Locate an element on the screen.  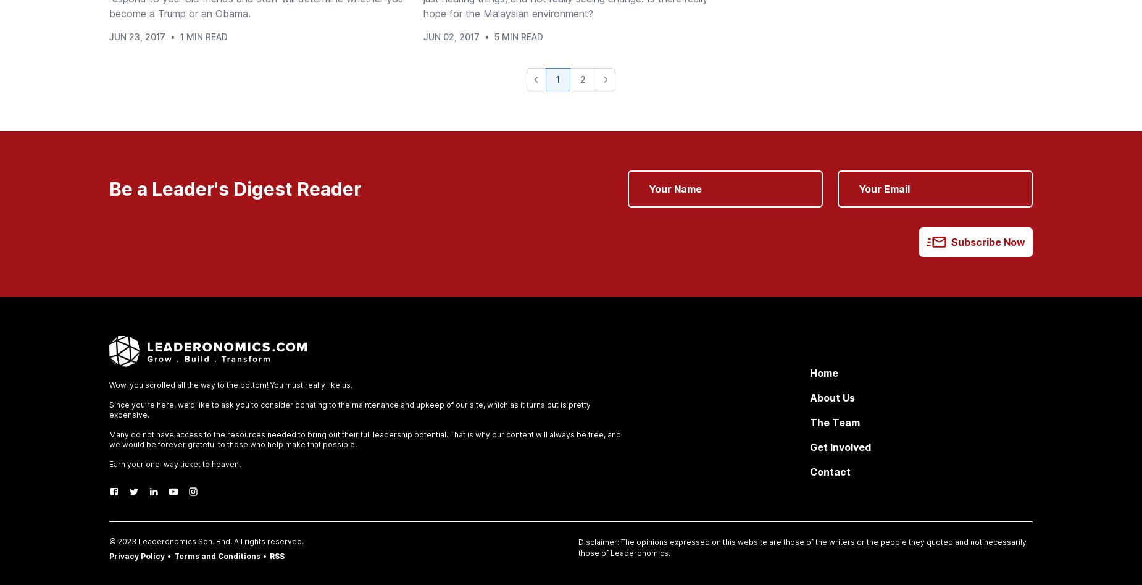
'Terms and Conditions' is located at coordinates (217, 555).